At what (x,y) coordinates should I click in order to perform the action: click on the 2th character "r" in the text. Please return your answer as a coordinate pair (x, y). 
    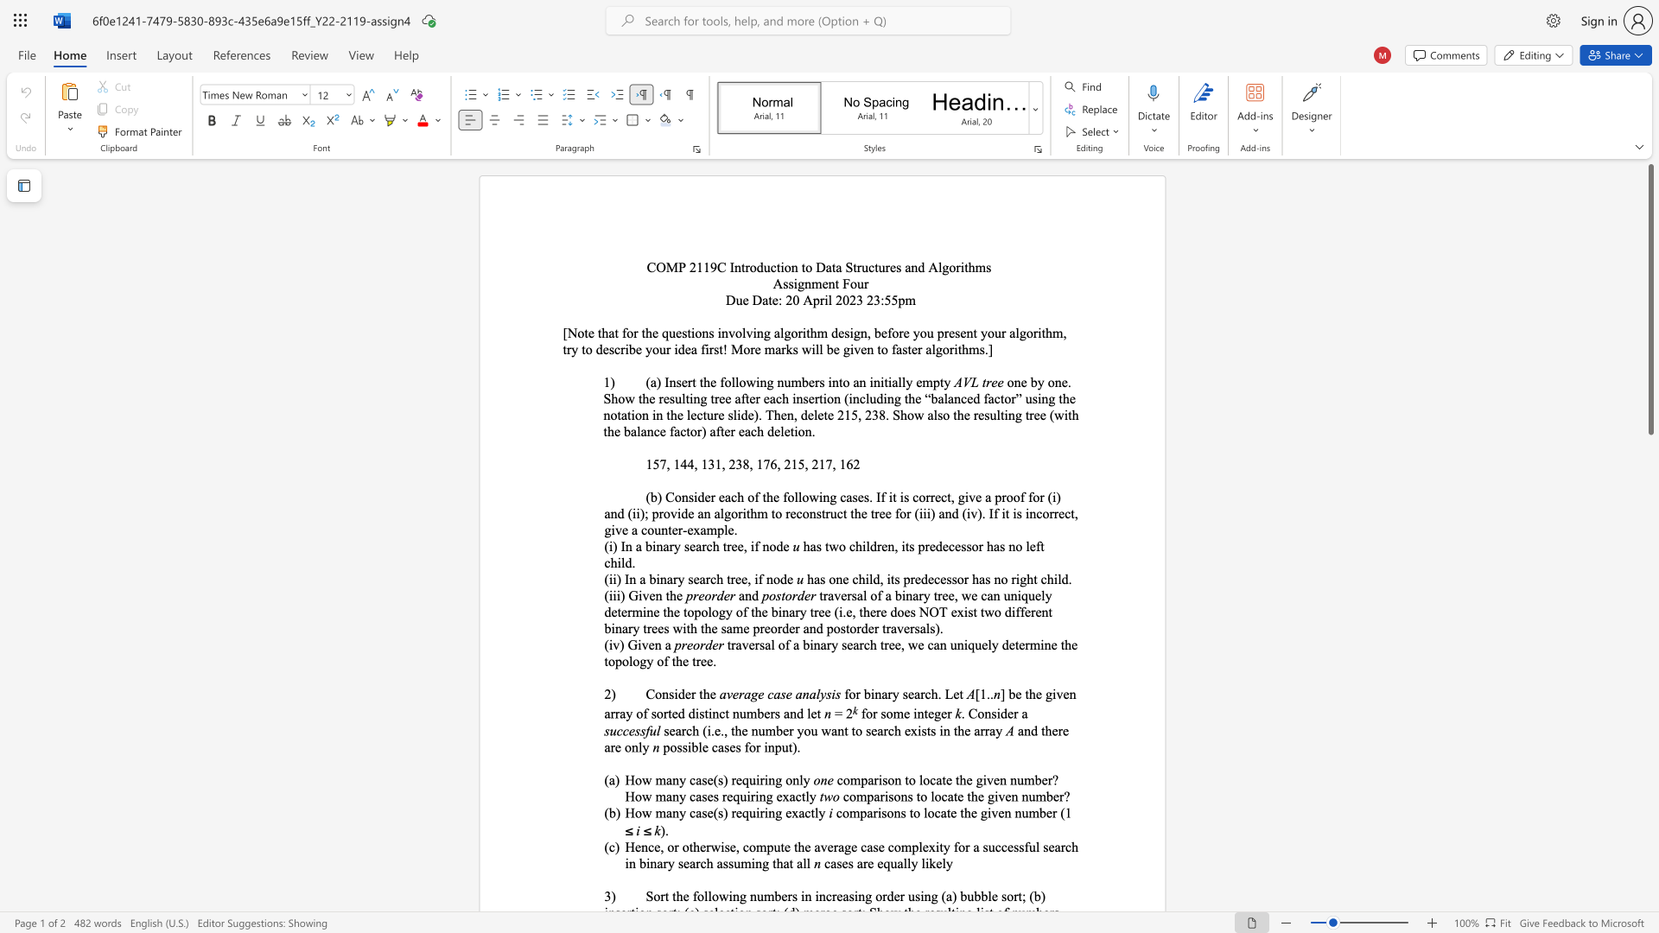
    Looking at the image, I should click on (708, 579).